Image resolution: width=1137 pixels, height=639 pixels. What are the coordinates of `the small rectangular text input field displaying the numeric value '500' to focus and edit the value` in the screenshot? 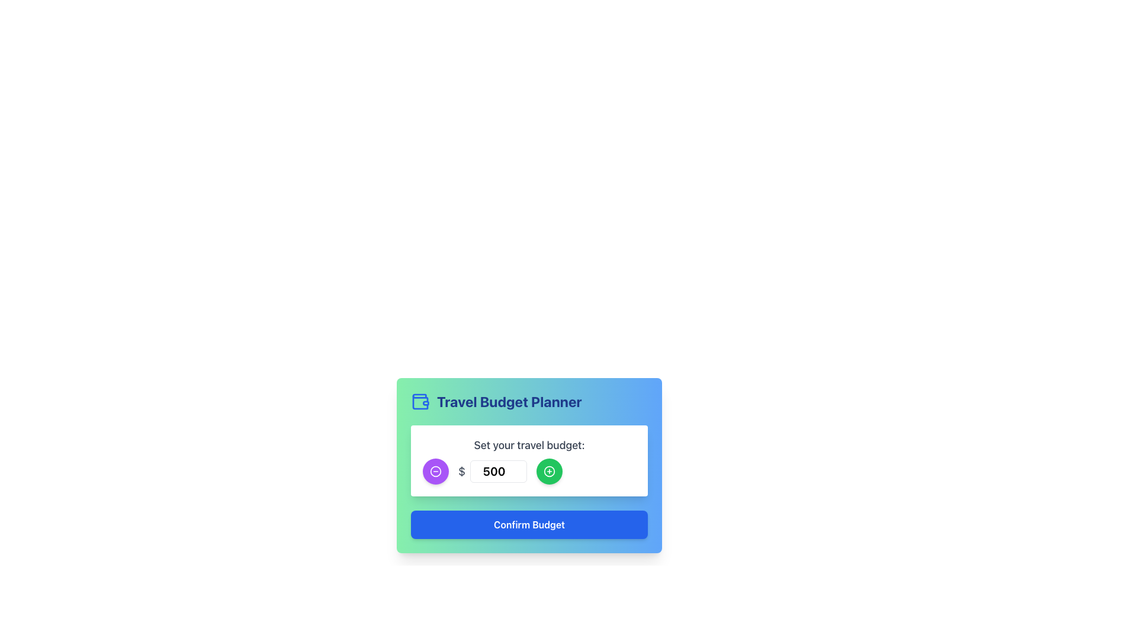 It's located at (498, 471).